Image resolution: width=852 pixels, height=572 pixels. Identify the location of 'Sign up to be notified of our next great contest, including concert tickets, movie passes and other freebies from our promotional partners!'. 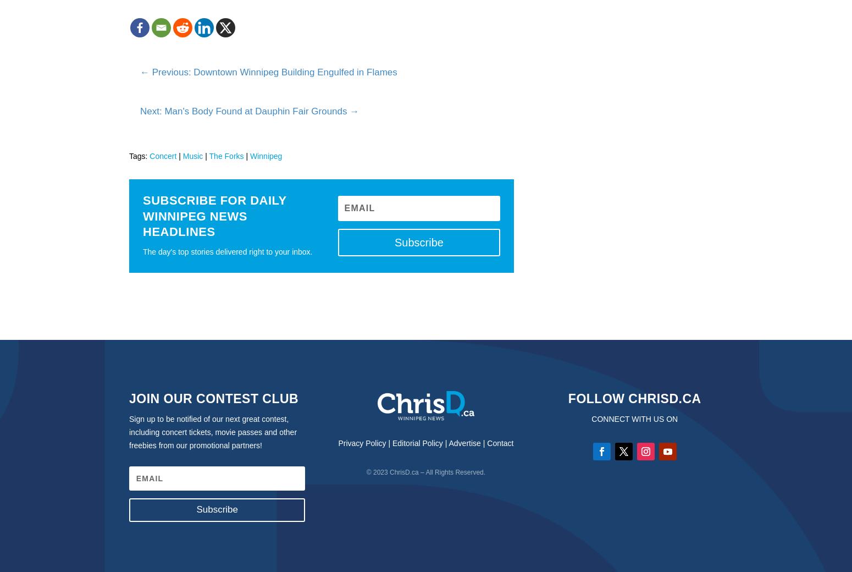
(212, 431).